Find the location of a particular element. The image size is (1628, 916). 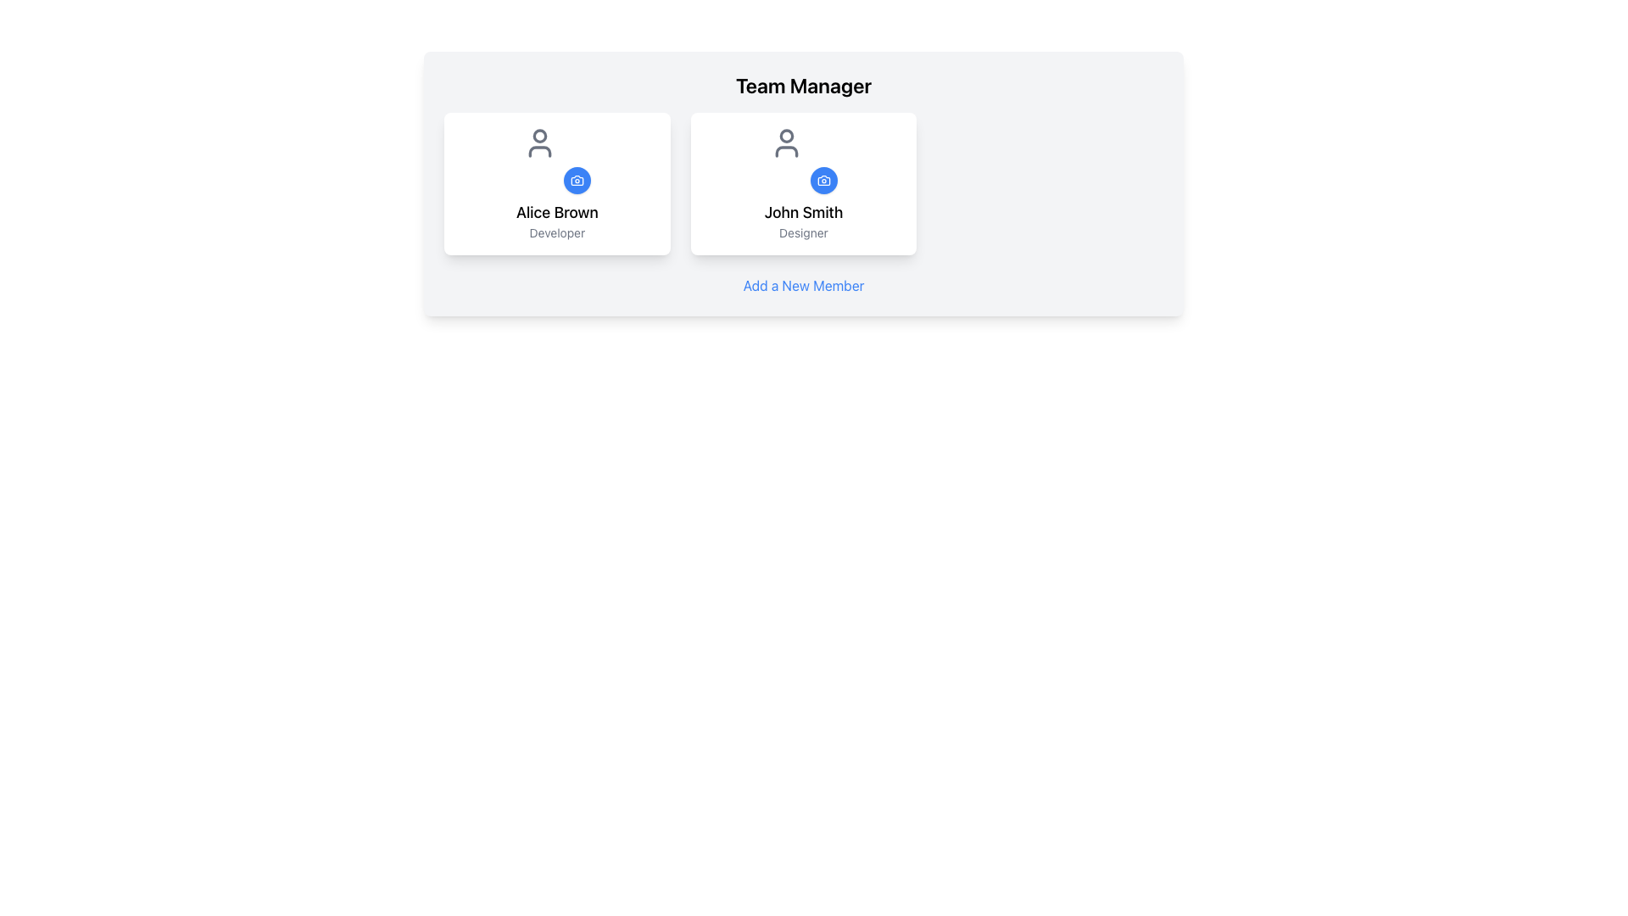

the circular blue button with a white camera icon located at the bottom-right corner of the card titled 'Alice Brown' to upload an image is located at coordinates (557, 160).